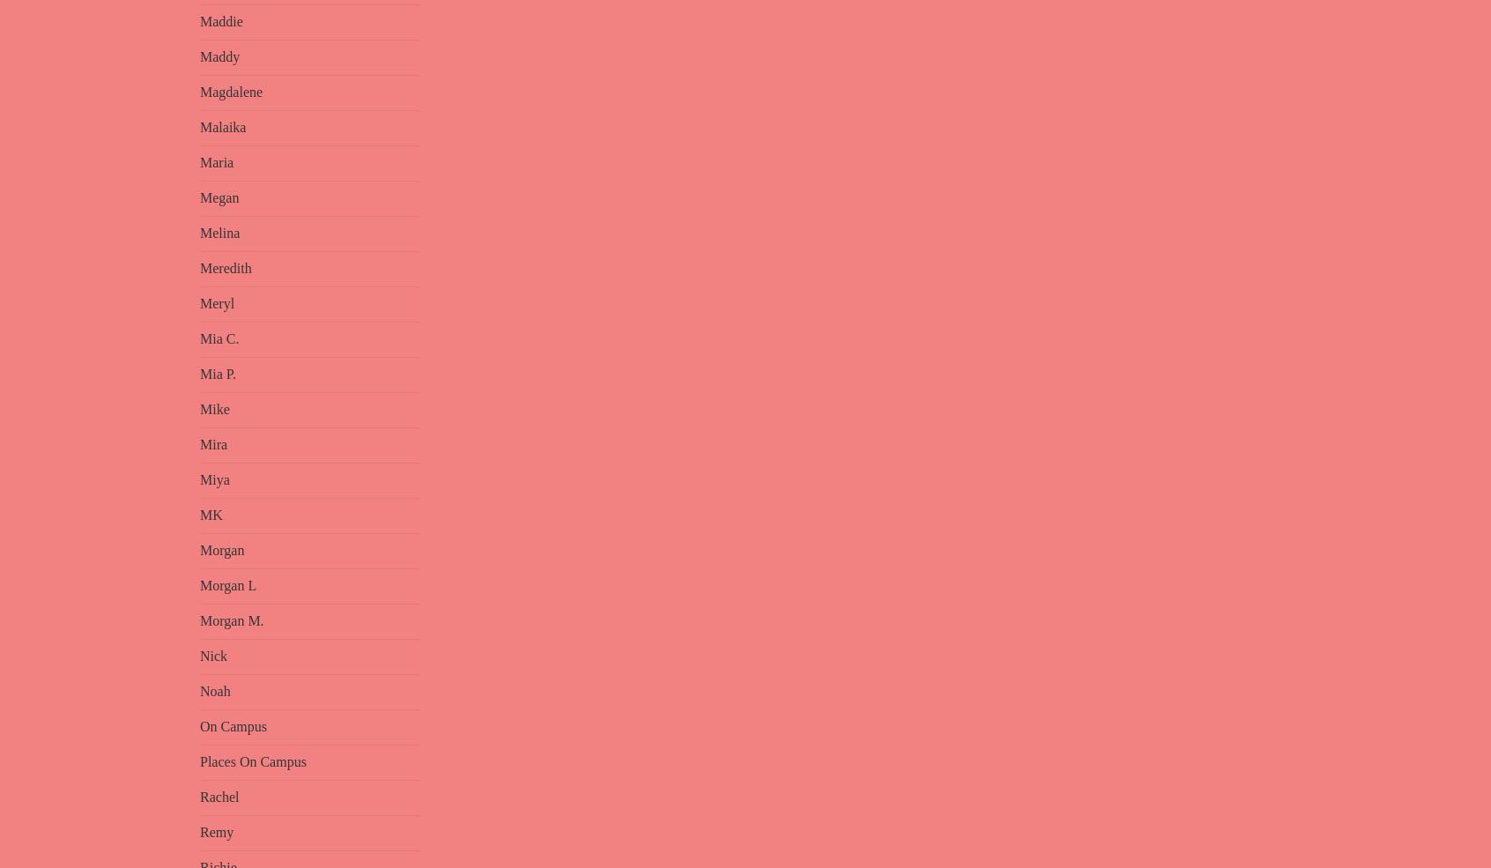 This screenshot has height=868, width=1491. I want to click on 'Megan', so click(200, 197).